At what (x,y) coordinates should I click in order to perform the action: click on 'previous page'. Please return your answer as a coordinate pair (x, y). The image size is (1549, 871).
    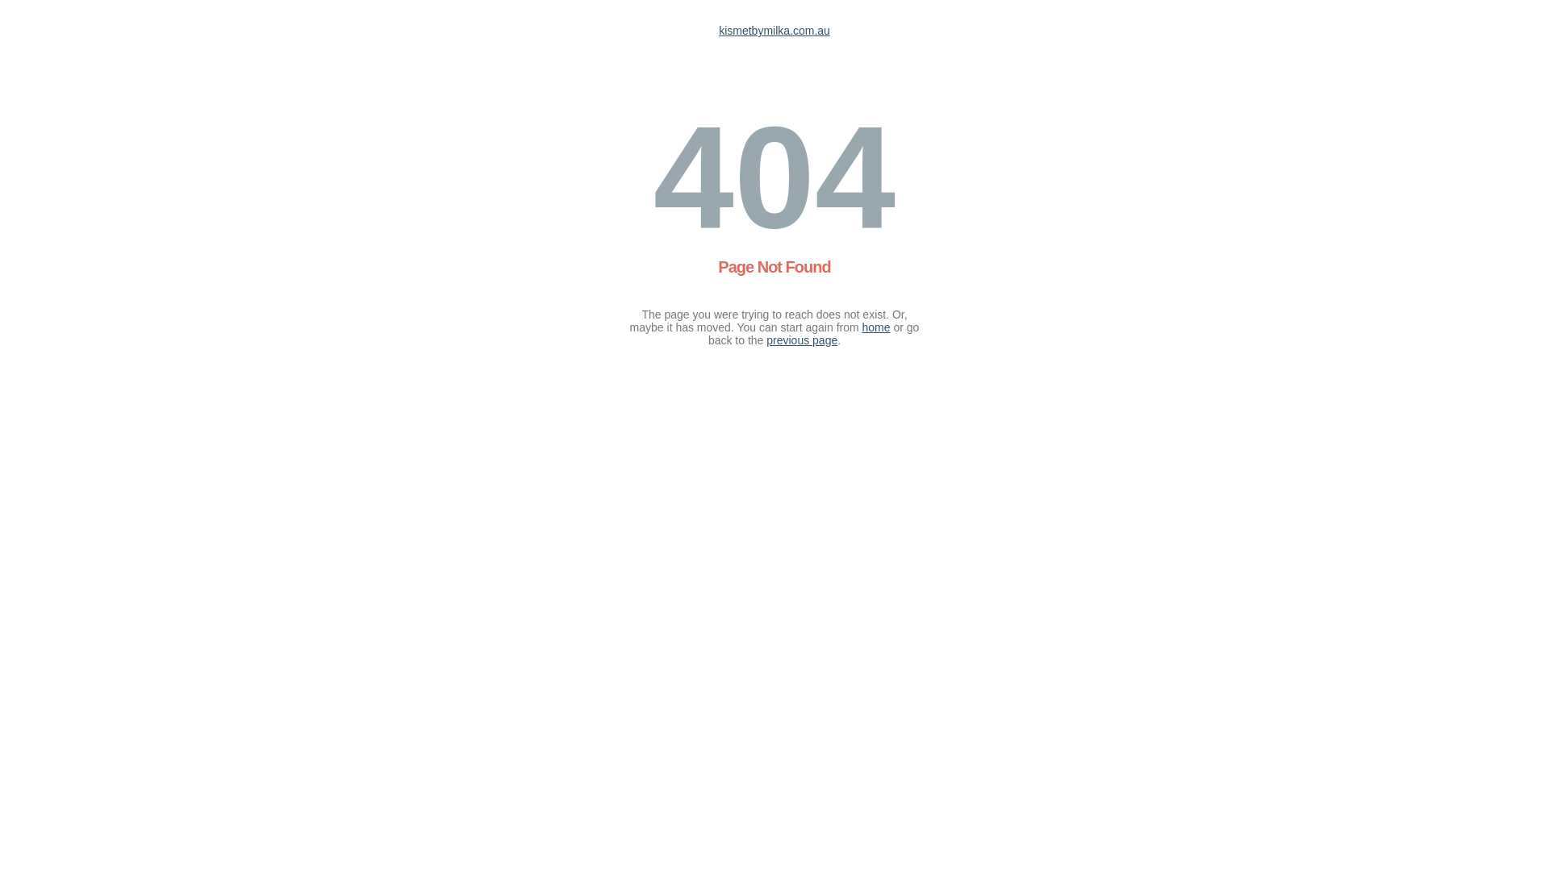
    Looking at the image, I should click on (801, 339).